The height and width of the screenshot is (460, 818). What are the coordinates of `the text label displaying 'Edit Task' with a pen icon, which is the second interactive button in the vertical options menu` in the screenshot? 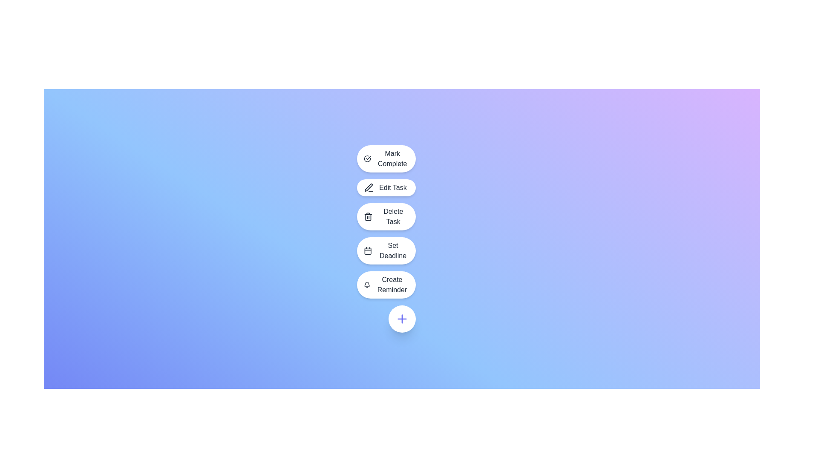 It's located at (392, 187).